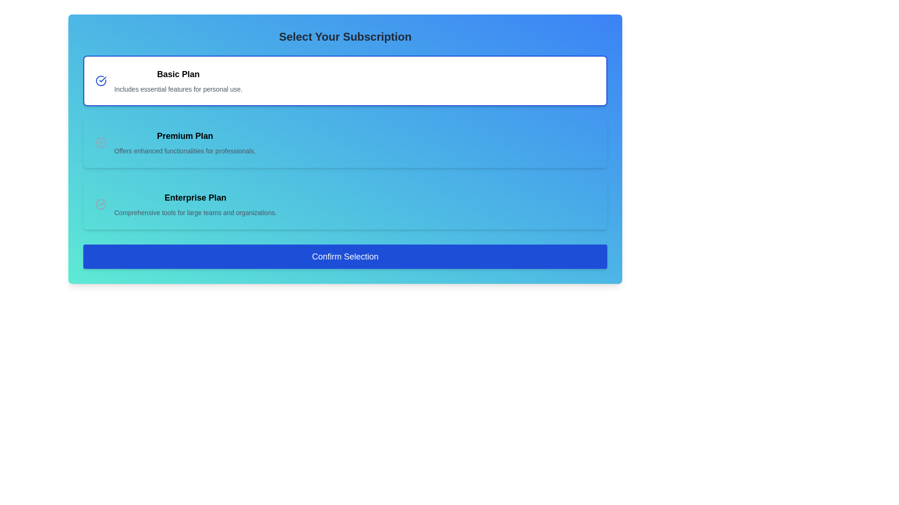 The image size is (899, 505). Describe the element at coordinates (195, 203) in the screenshot. I see `the 'Enterprise Plan' text block, which features a bold first line and a descriptive second line, located as the third option in the 'Select Your Subscription' interface` at that location.